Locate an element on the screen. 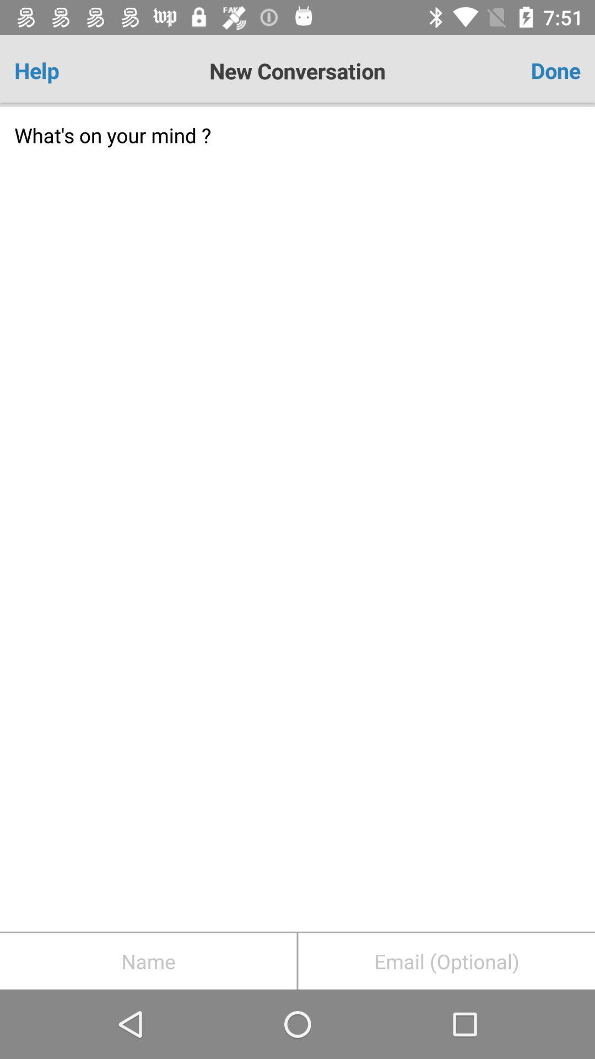  icon at the top right corner is located at coordinates (533, 70).